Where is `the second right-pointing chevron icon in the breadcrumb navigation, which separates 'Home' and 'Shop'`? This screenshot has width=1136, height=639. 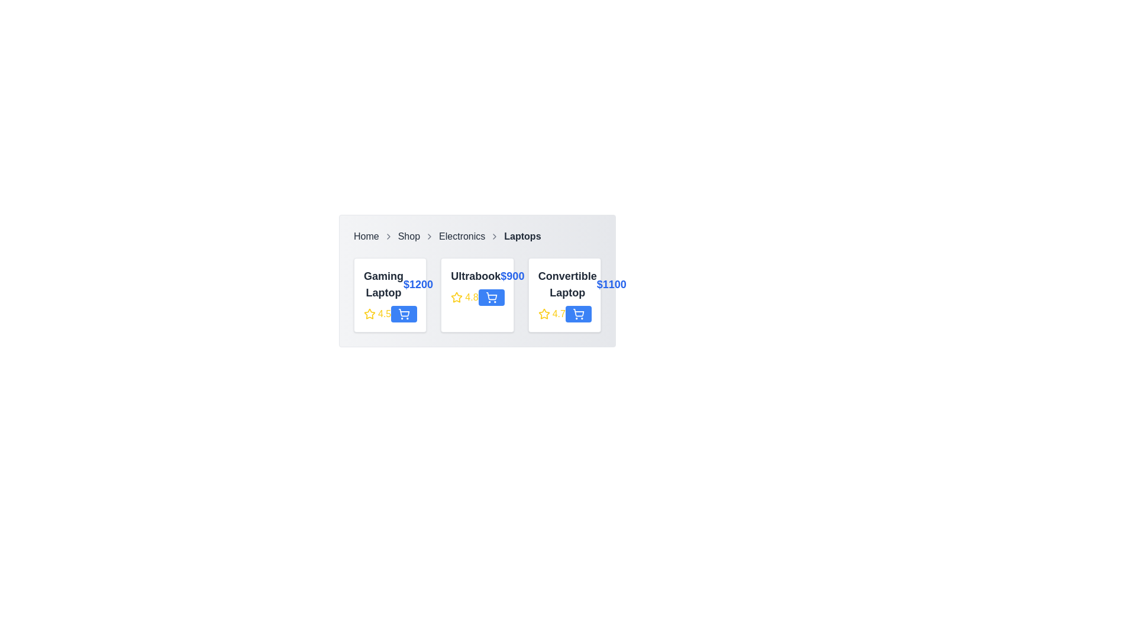
the second right-pointing chevron icon in the breadcrumb navigation, which separates 'Home' and 'Shop' is located at coordinates (388, 237).